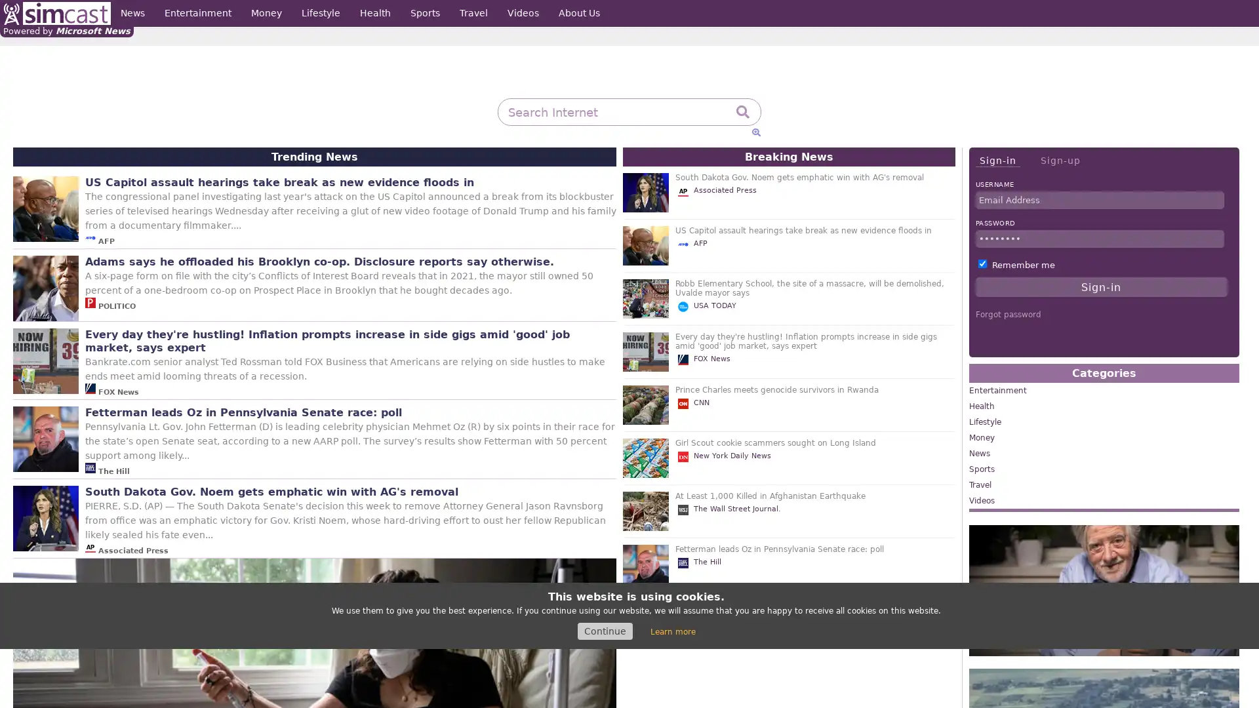  What do you see at coordinates (1101, 286) in the screenshot?
I see `Sign-in` at bounding box center [1101, 286].